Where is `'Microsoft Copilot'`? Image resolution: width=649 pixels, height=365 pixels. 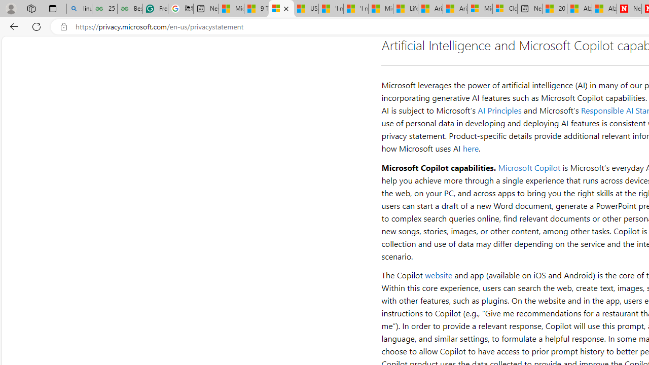 'Microsoft Copilot' is located at coordinates (528, 167).